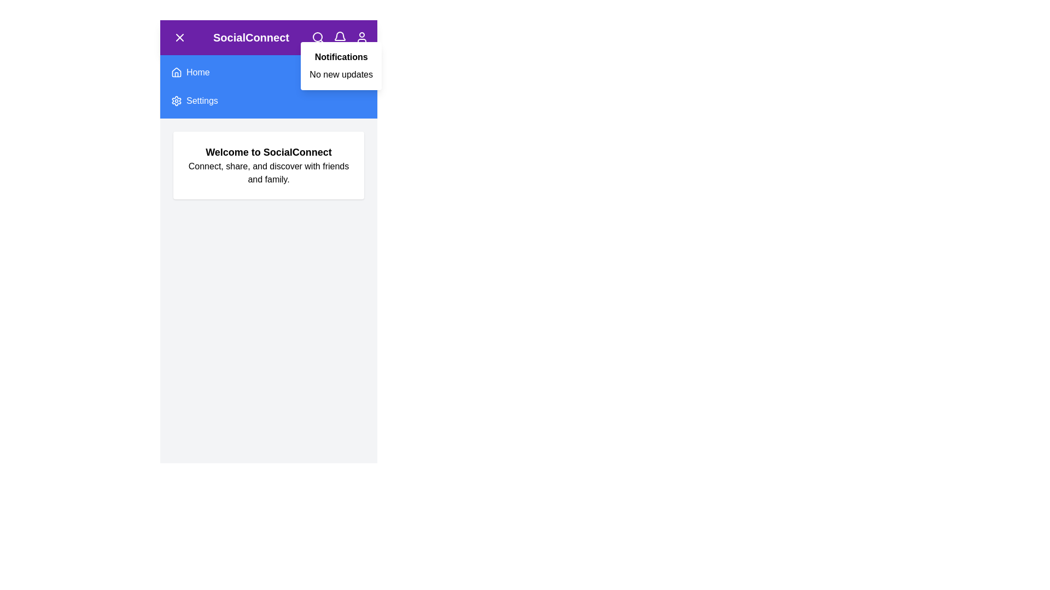 This screenshot has width=1050, height=590. I want to click on the welcome message text to select it, so click(269, 152).